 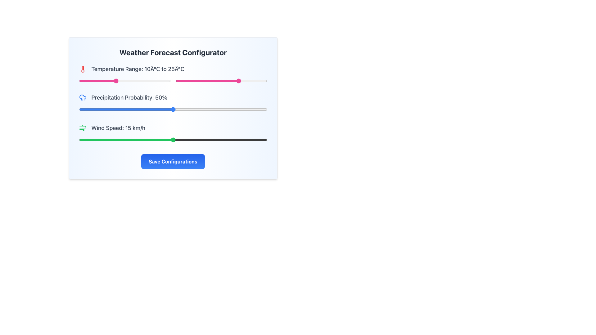 What do you see at coordinates (245, 81) in the screenshot?
I see `the temperature value` at bounding box center [245, 81].